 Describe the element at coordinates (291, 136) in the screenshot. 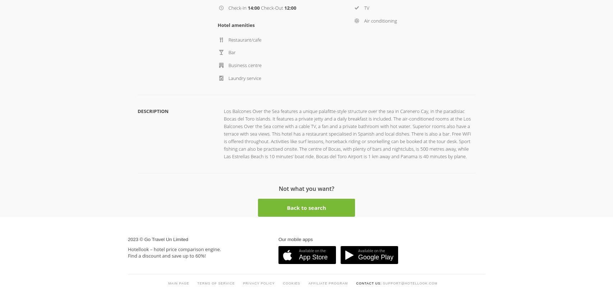

I see `'Cookies'` at that location.